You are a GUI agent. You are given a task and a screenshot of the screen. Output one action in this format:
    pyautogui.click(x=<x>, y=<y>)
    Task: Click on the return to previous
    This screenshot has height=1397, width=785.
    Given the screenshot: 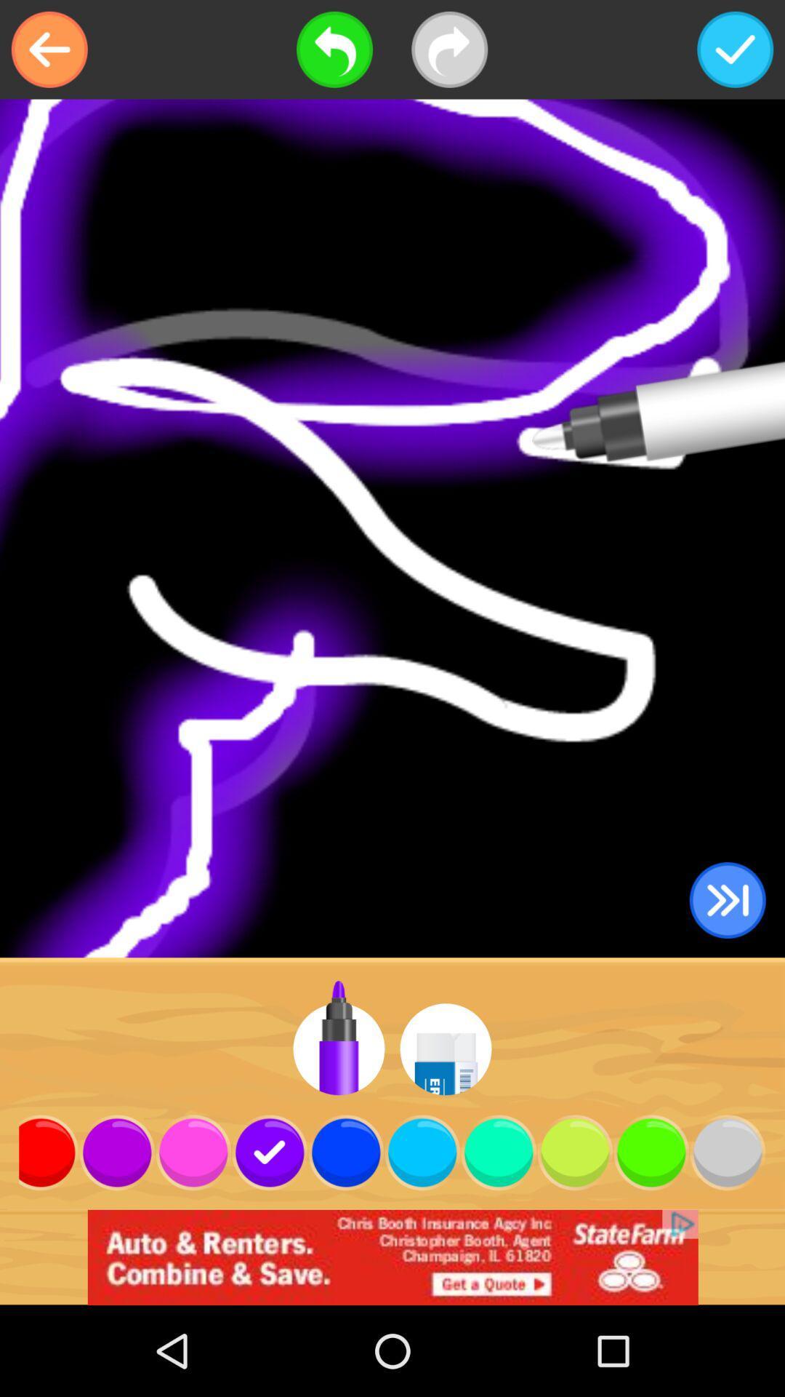 What is the action you would take?
    pyautogui.click(x=49, y=49)
    